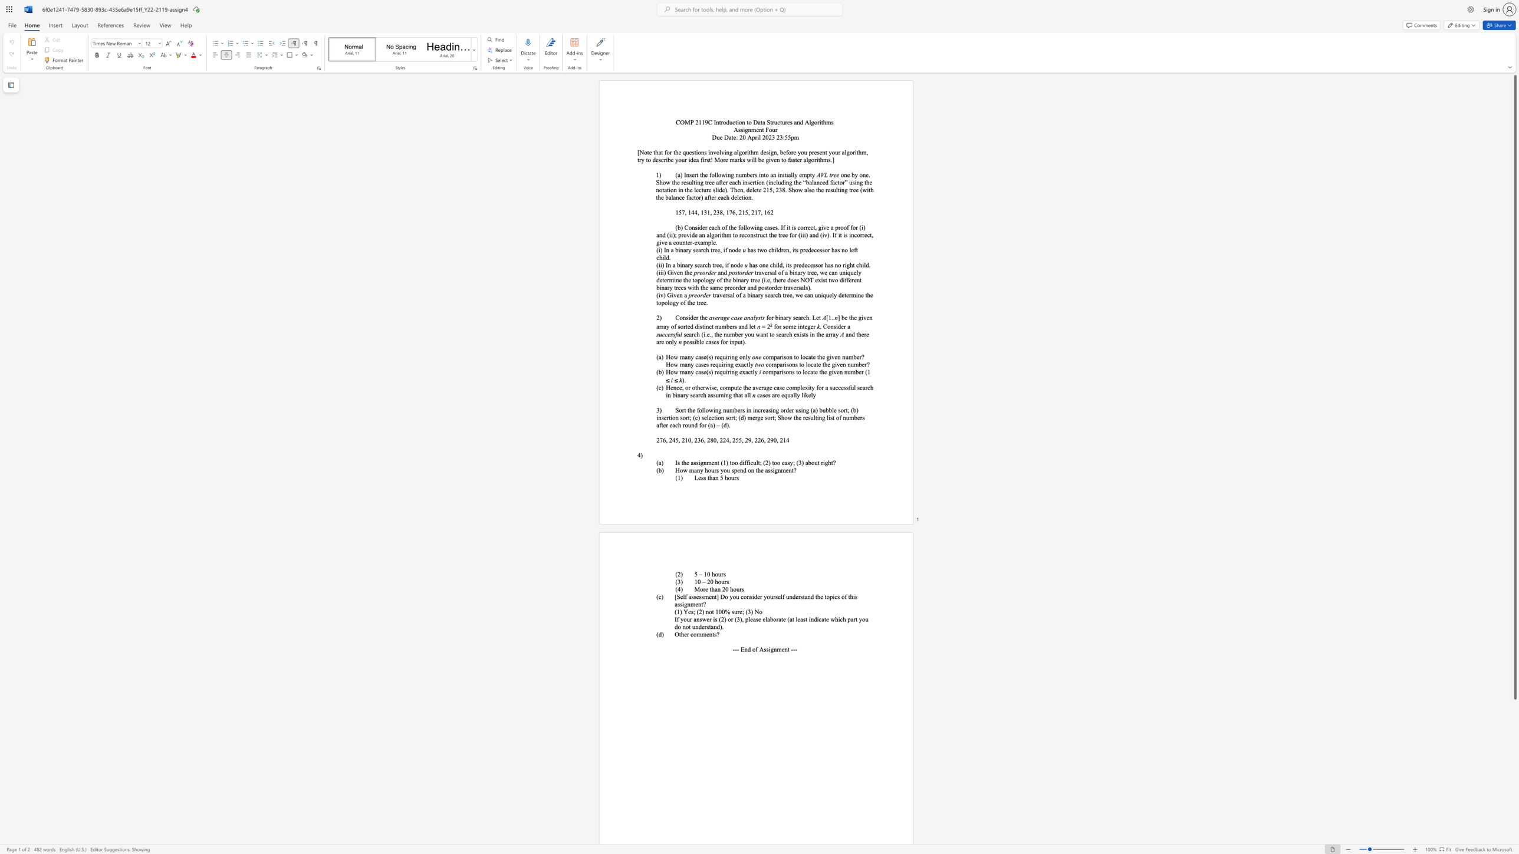 This screenshot has height=854, width=1519. Describe the element at coordinates (826, 295) in the screenshot. I see `the subset text "uely determine the top" within the text "traversal of a binary search tree, we can uniquely determine the topology of the tree."` at that location.